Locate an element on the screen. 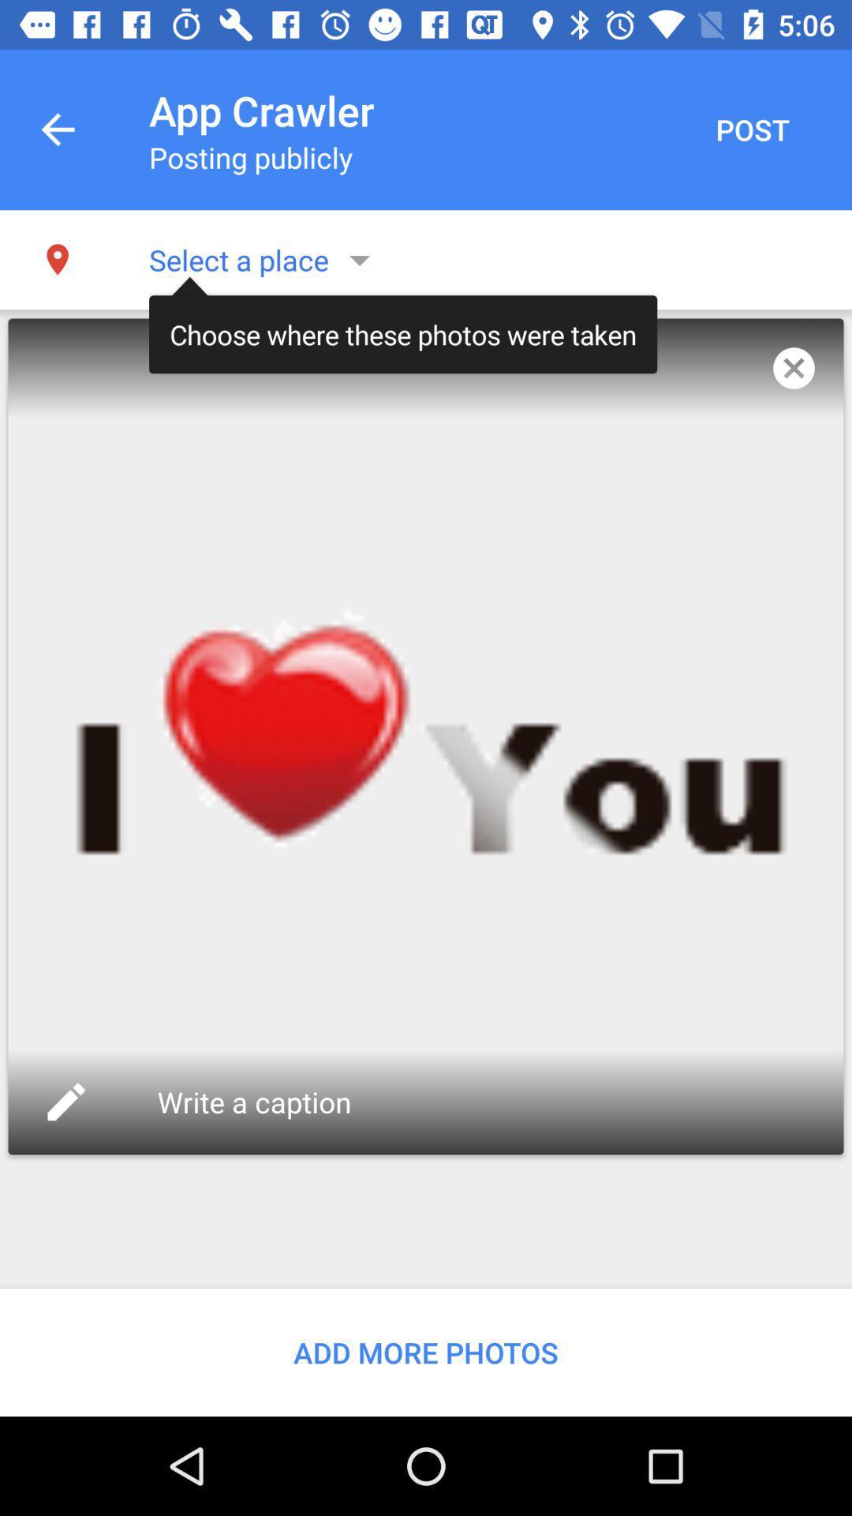 The height and width of the screenshot is (1516, 852). the add more photos icon is located at coordinates (426, 1352).